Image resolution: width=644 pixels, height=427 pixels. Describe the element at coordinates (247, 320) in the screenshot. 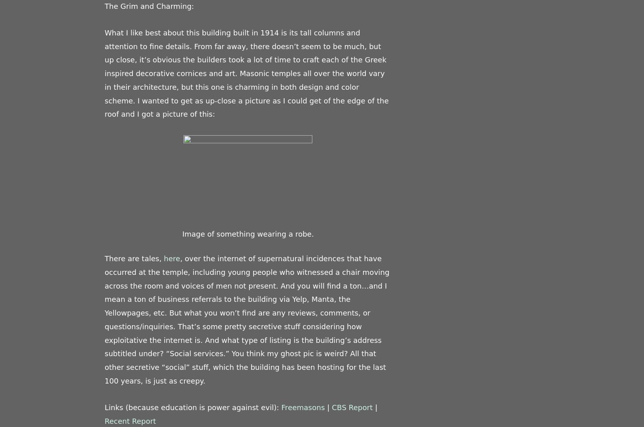

I see `', over the internet of supernatural incidences that have occurred at the temple, including young people who witnessed a chair moving across the room and voices of men not present. And you will find a ton…and I mean a ton of business referrals to the building via Yelp, Manta, the Yellowpages, etc. But what you won’t find are any reviews, comments, or questions/inquiries. That’s some pretty secretive stuff considering how exploitative the internet is. And what type of listing is the building’s address subtitled under? “Social services.” You think my ghost pic is weird? All that other secretive “social” stuff, which the building has been hosting for the last 100 years, is just as creepy.'` at that location.